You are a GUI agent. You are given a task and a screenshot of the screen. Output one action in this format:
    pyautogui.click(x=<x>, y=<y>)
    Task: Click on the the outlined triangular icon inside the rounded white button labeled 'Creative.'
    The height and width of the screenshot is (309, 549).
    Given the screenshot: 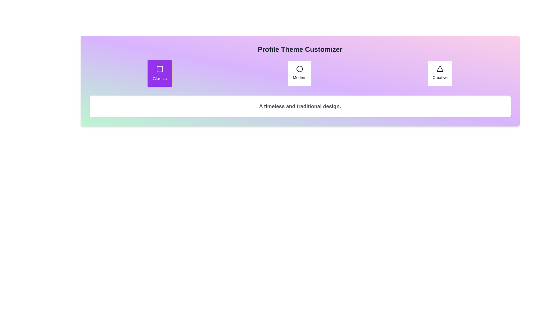 What is the action you would take?
    pyautogui.click(x=439, y=68)
    